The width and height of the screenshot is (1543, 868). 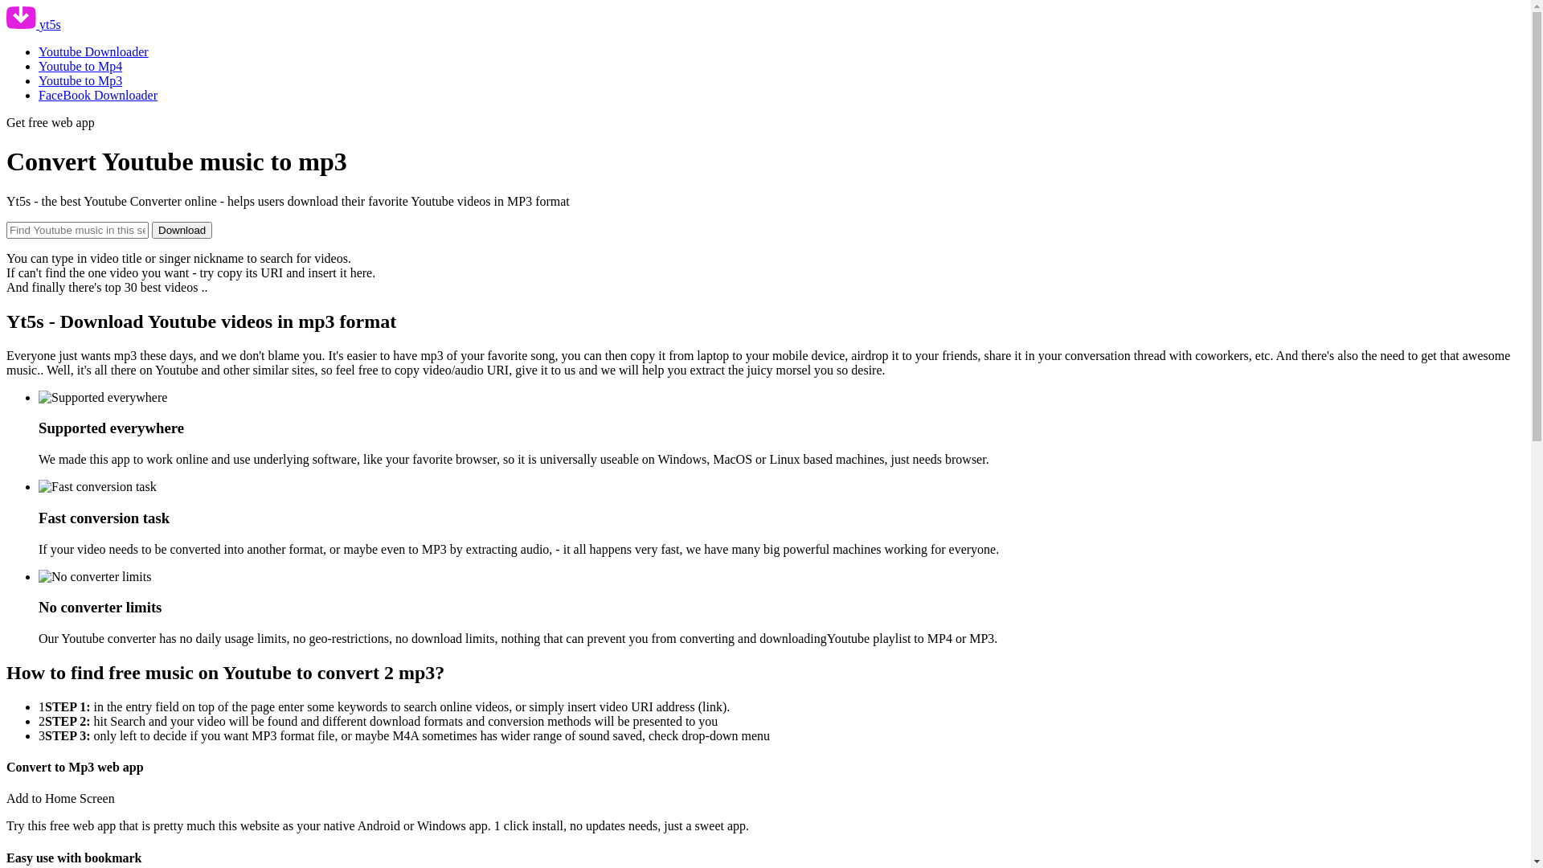 I want to click on 'Youtube Downloader', so click(x=92, y=51).